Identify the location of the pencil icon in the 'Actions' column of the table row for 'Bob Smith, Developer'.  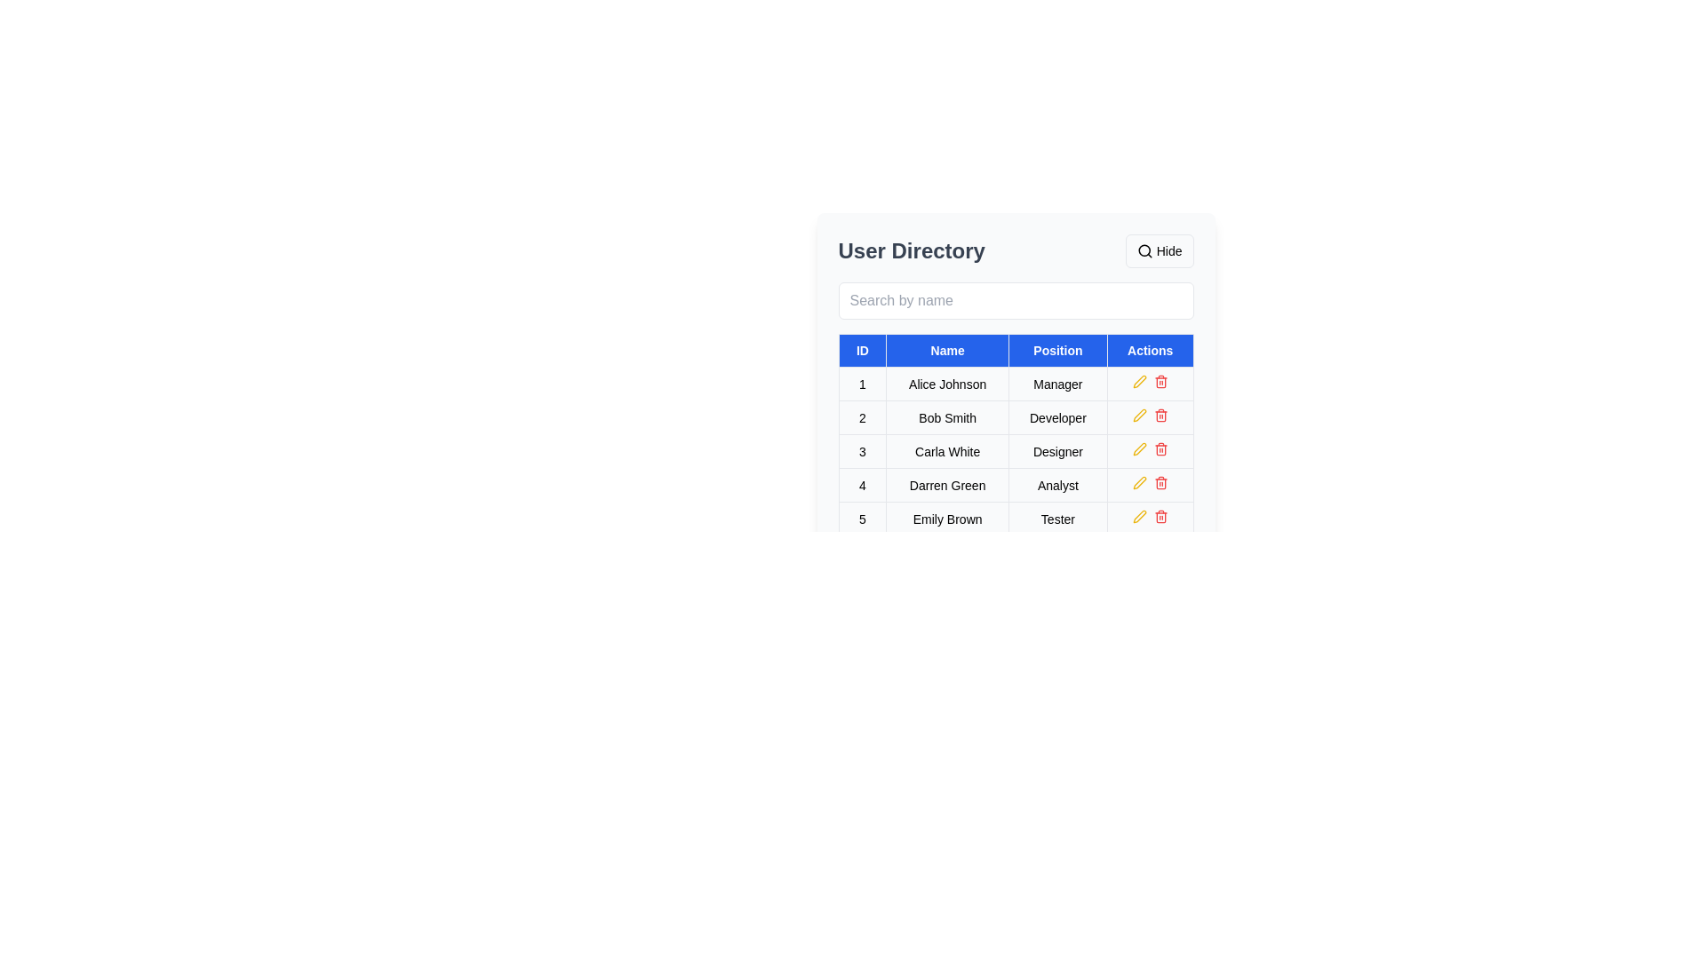
(1139, 380).